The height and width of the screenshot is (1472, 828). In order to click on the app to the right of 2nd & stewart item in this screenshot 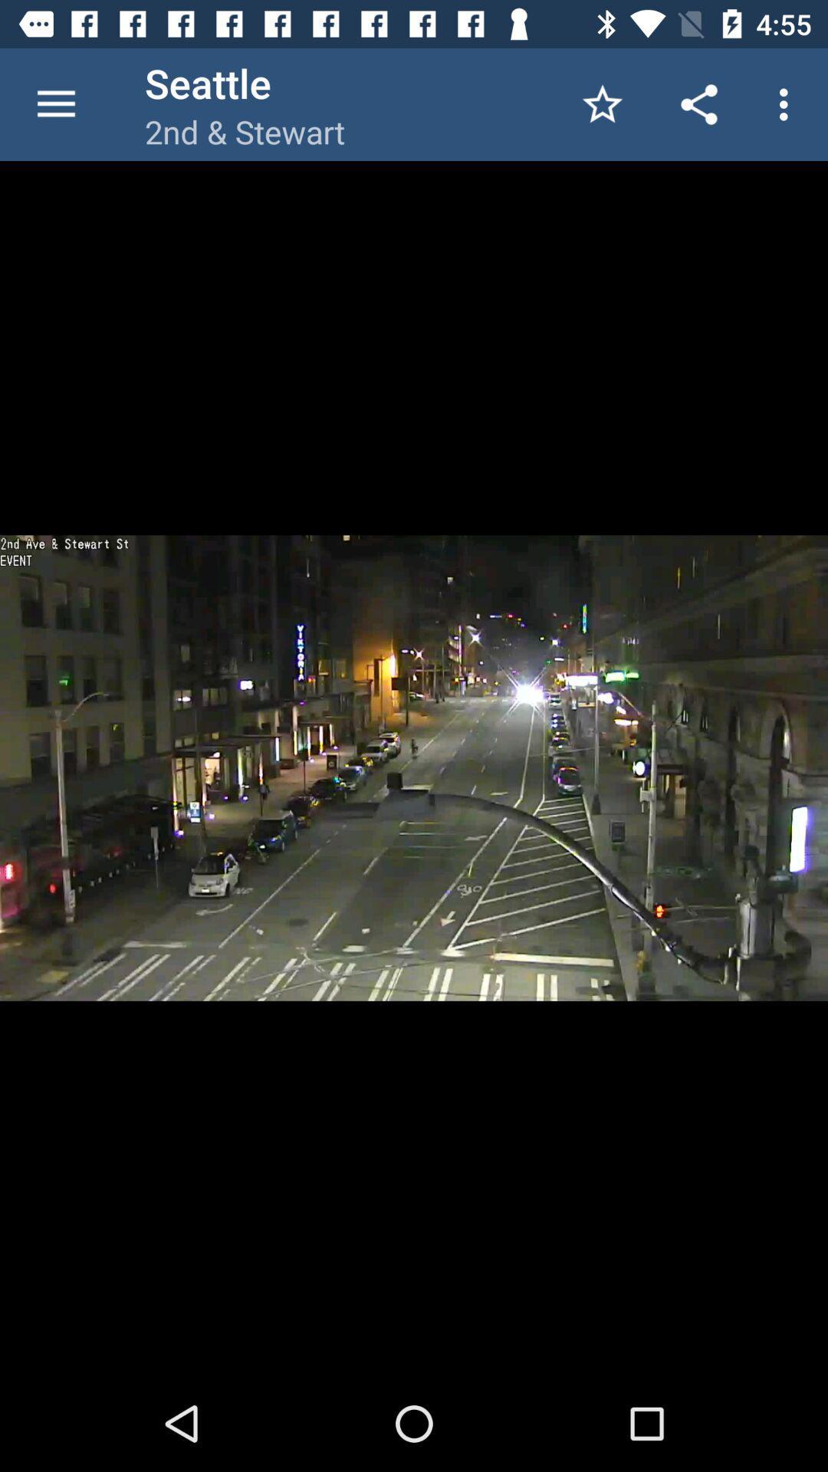, I will do `click(602, 103)`.